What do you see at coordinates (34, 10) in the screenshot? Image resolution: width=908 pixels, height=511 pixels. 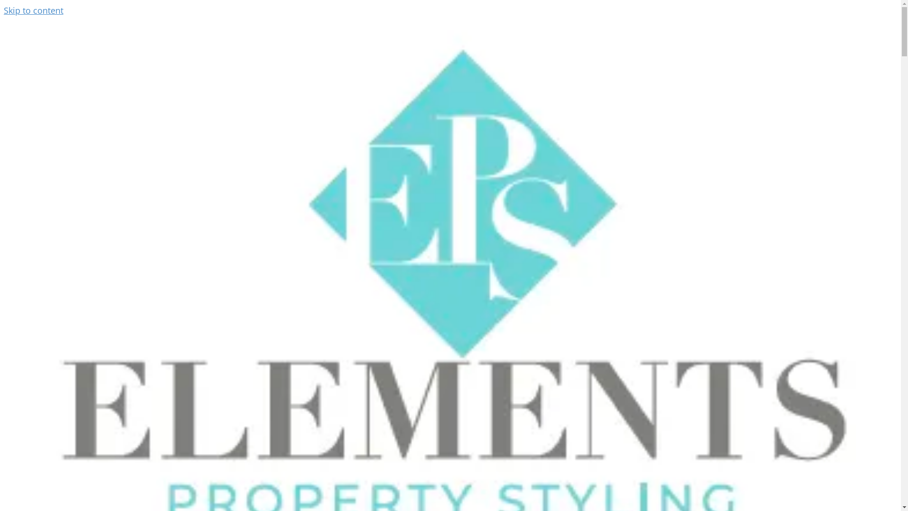 I see `'Skip to content'` at bounding box center [34, 10].